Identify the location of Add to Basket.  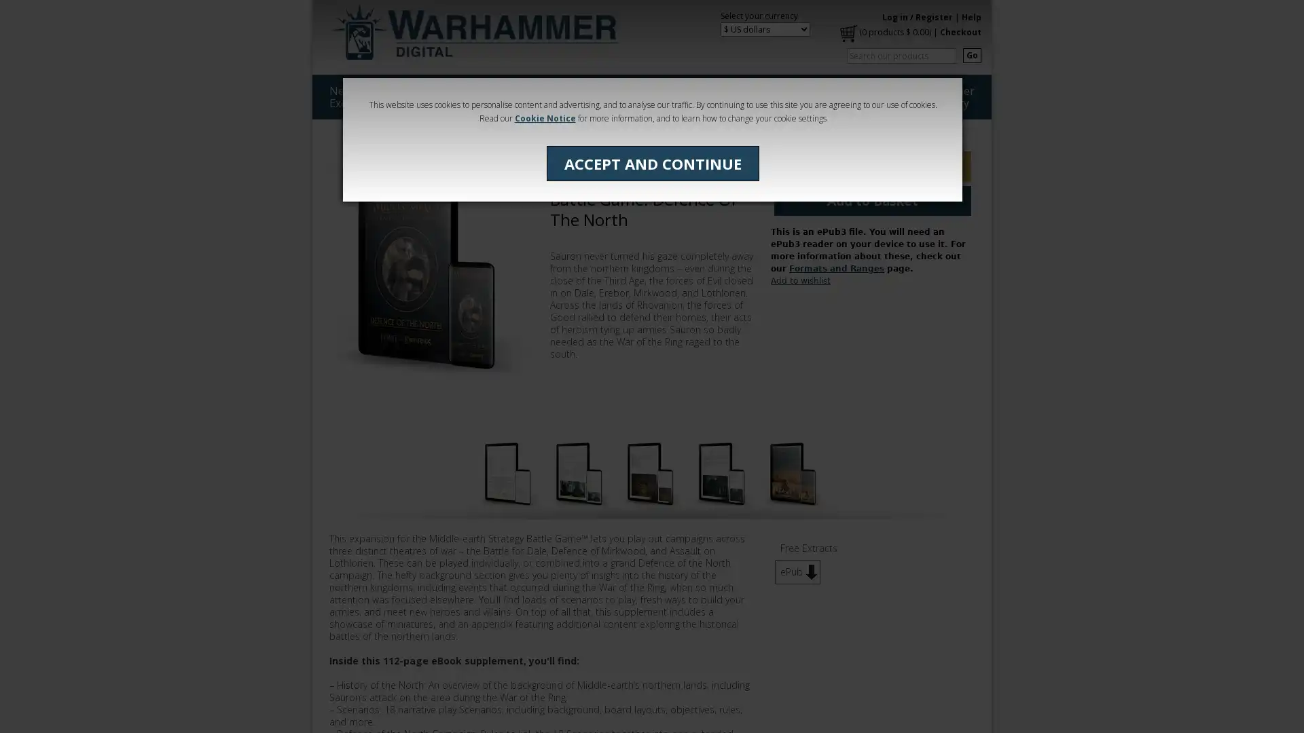
(873, 201).